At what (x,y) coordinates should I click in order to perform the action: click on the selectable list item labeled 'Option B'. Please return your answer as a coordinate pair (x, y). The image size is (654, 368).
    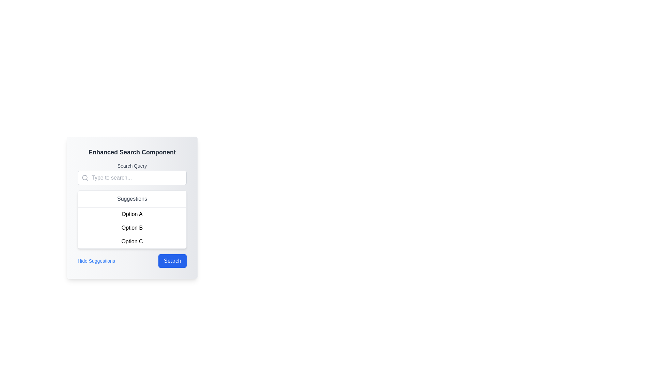
    Looking at the image, I should click on (132, 228).